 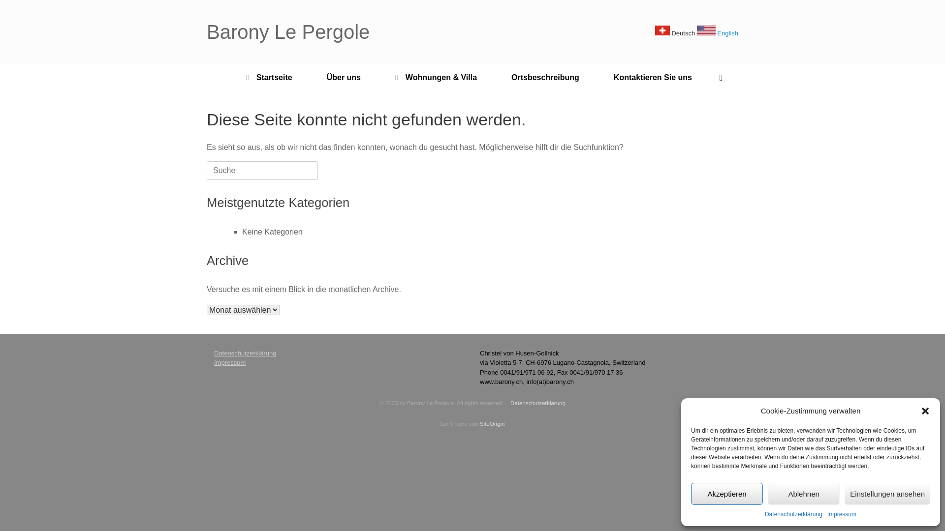 What do you see at coordinates (841, 513) in the screenshot?
I see `'Impressum'` at bounding box center [841, 513].